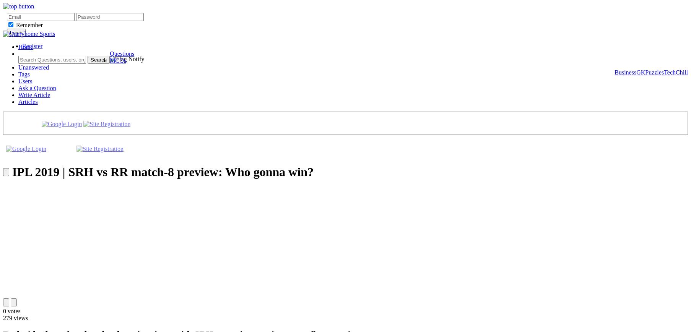 The height and width of the screenshot is (332, 691). I want to click on '0', so click(4, 311).